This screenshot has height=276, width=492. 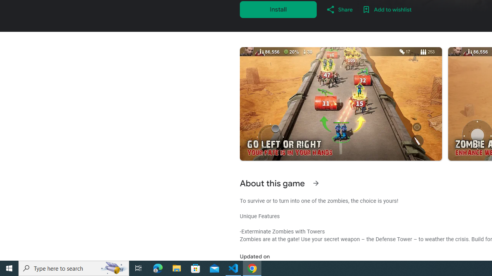 I want to click on 'Add to wishlist', so click(x=387, y=9).